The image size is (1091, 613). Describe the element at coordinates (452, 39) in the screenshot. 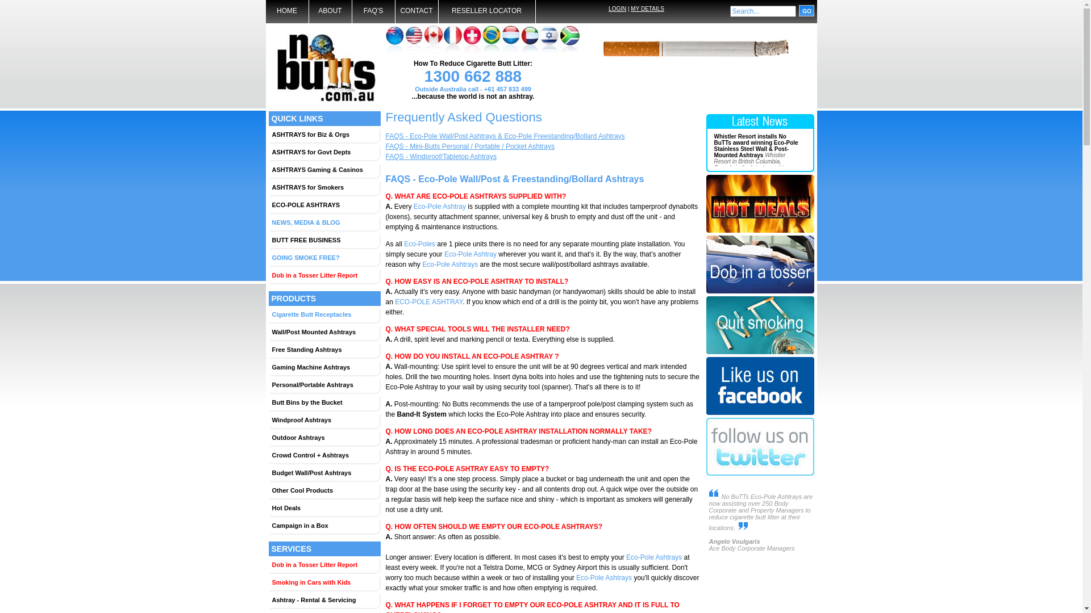

I see `'Contact details for France'` at that location.